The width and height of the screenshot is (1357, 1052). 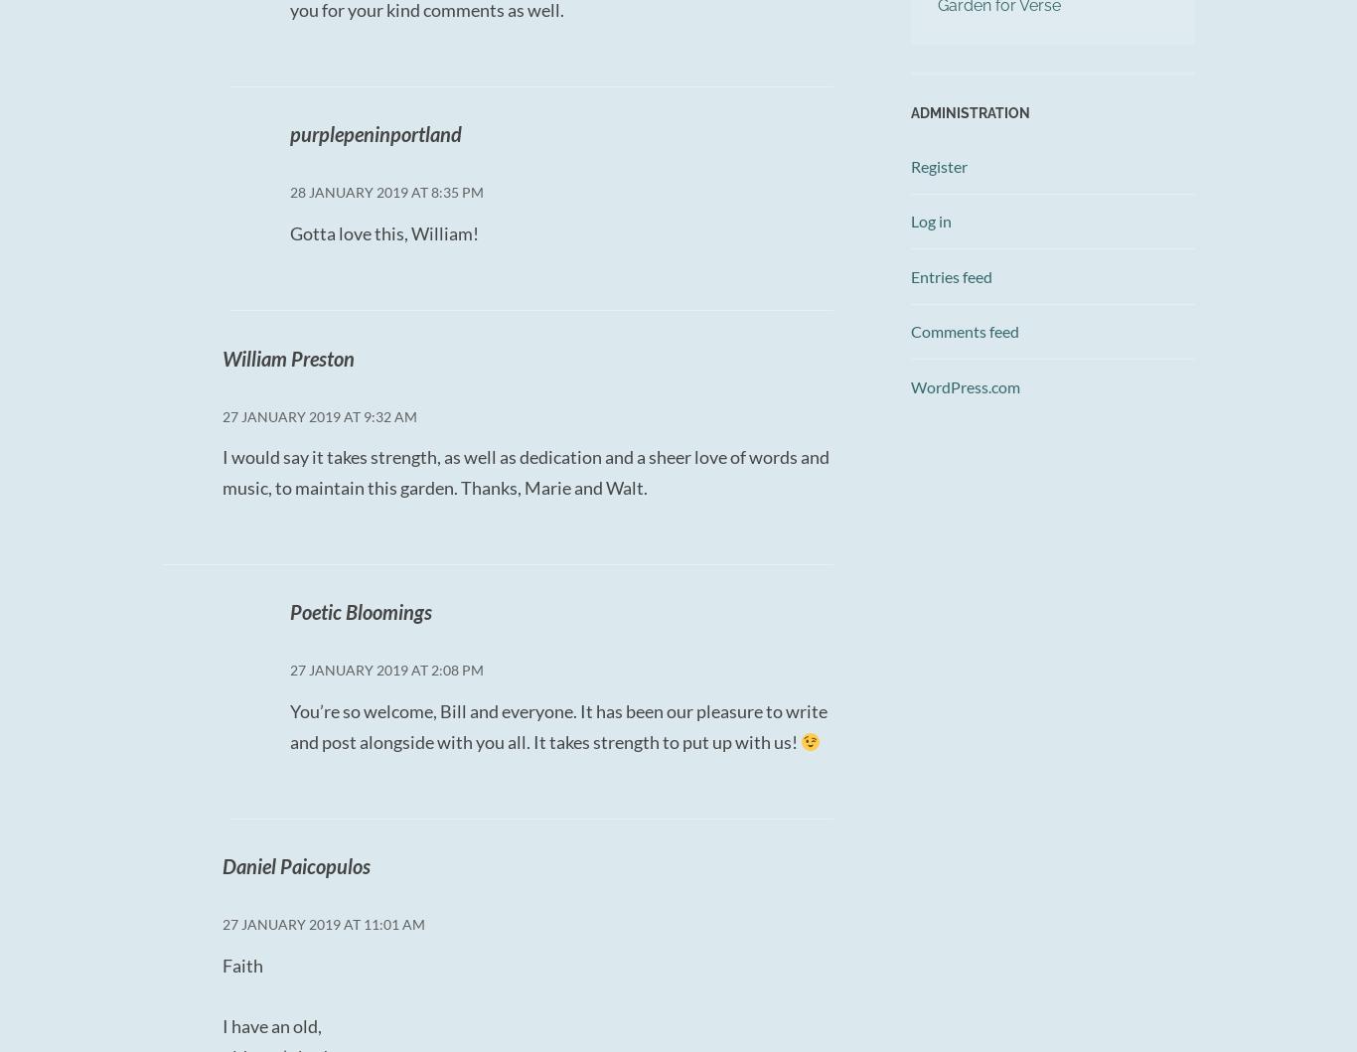 I want to click on 'WordPress.com', so click(x=910, y=384).